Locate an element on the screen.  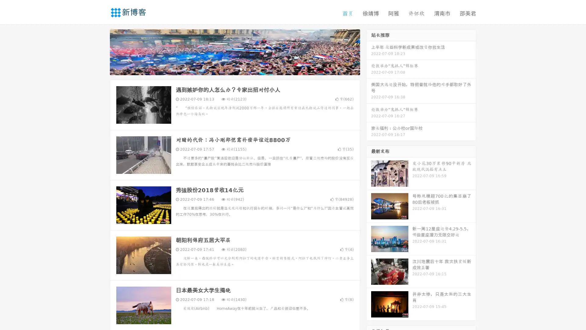
Go to slide 1 is located at coordinates (228, 69).